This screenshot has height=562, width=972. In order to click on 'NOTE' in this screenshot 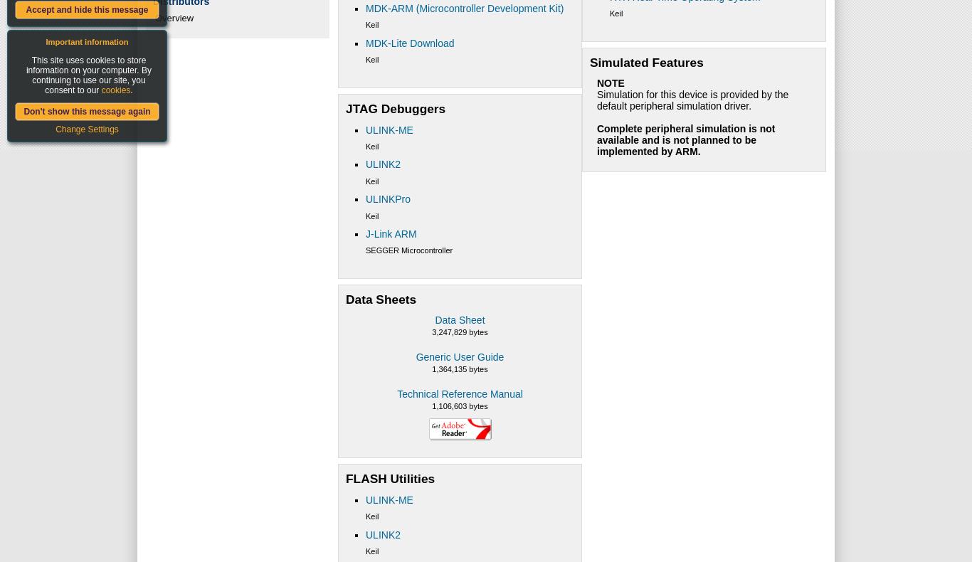, I will do `click(609, 82)`.